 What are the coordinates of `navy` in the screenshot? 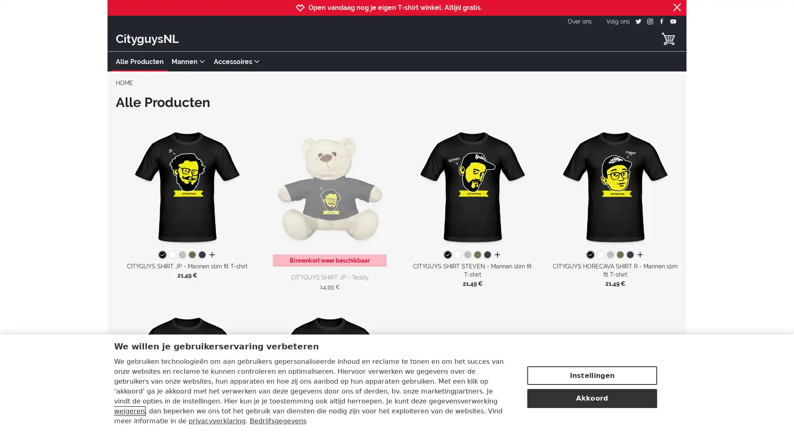 It's located at (487, 255).